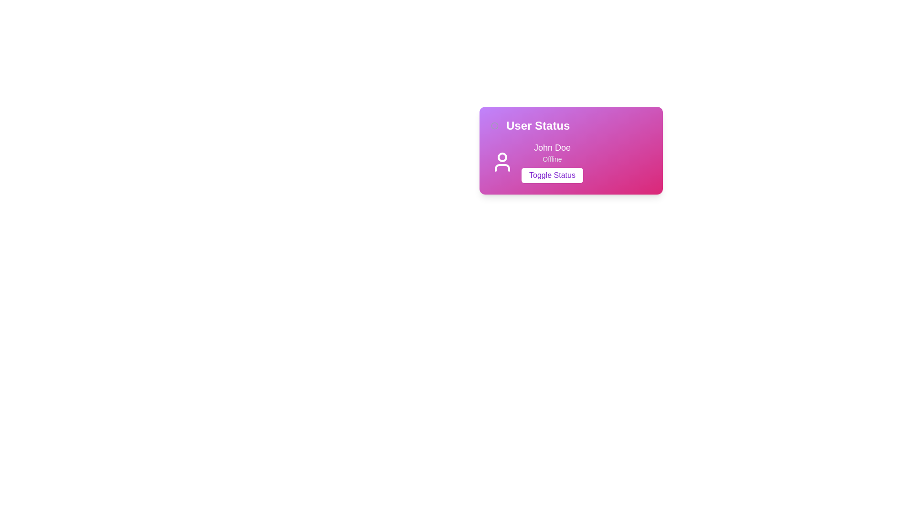 This screenshot has width=917, height=515. I want to click on the button labeled 'Toggle Status' located in the Information display with action button, which provides user name and status information and is positioned below the user icon and to the right of the 'User Status' heading, so click(552, 161).